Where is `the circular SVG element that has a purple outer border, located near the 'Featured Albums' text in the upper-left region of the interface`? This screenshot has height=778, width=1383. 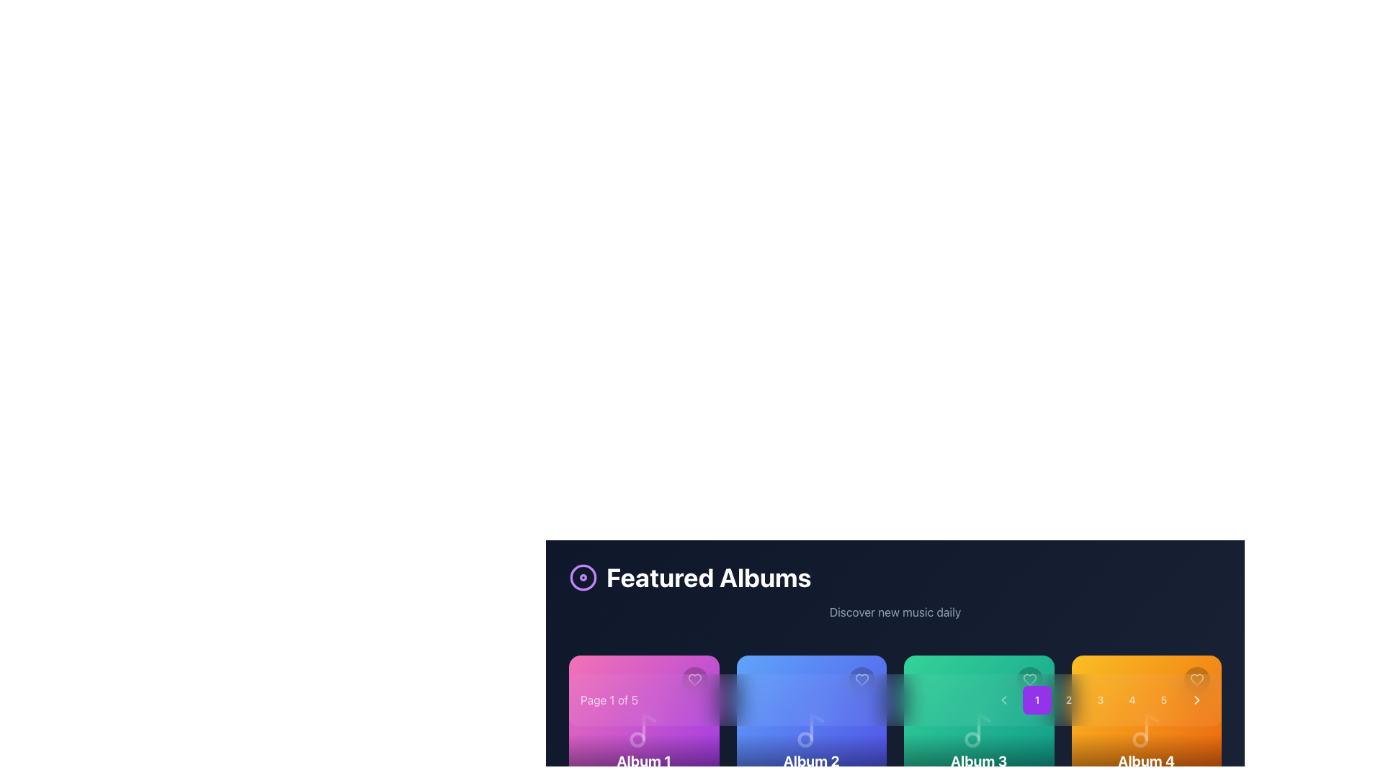
the circular SVG element that has a purple outer border, located near the 'Featured Albums' text in the upper-left region of the interface is located at coordinates (583, 577).